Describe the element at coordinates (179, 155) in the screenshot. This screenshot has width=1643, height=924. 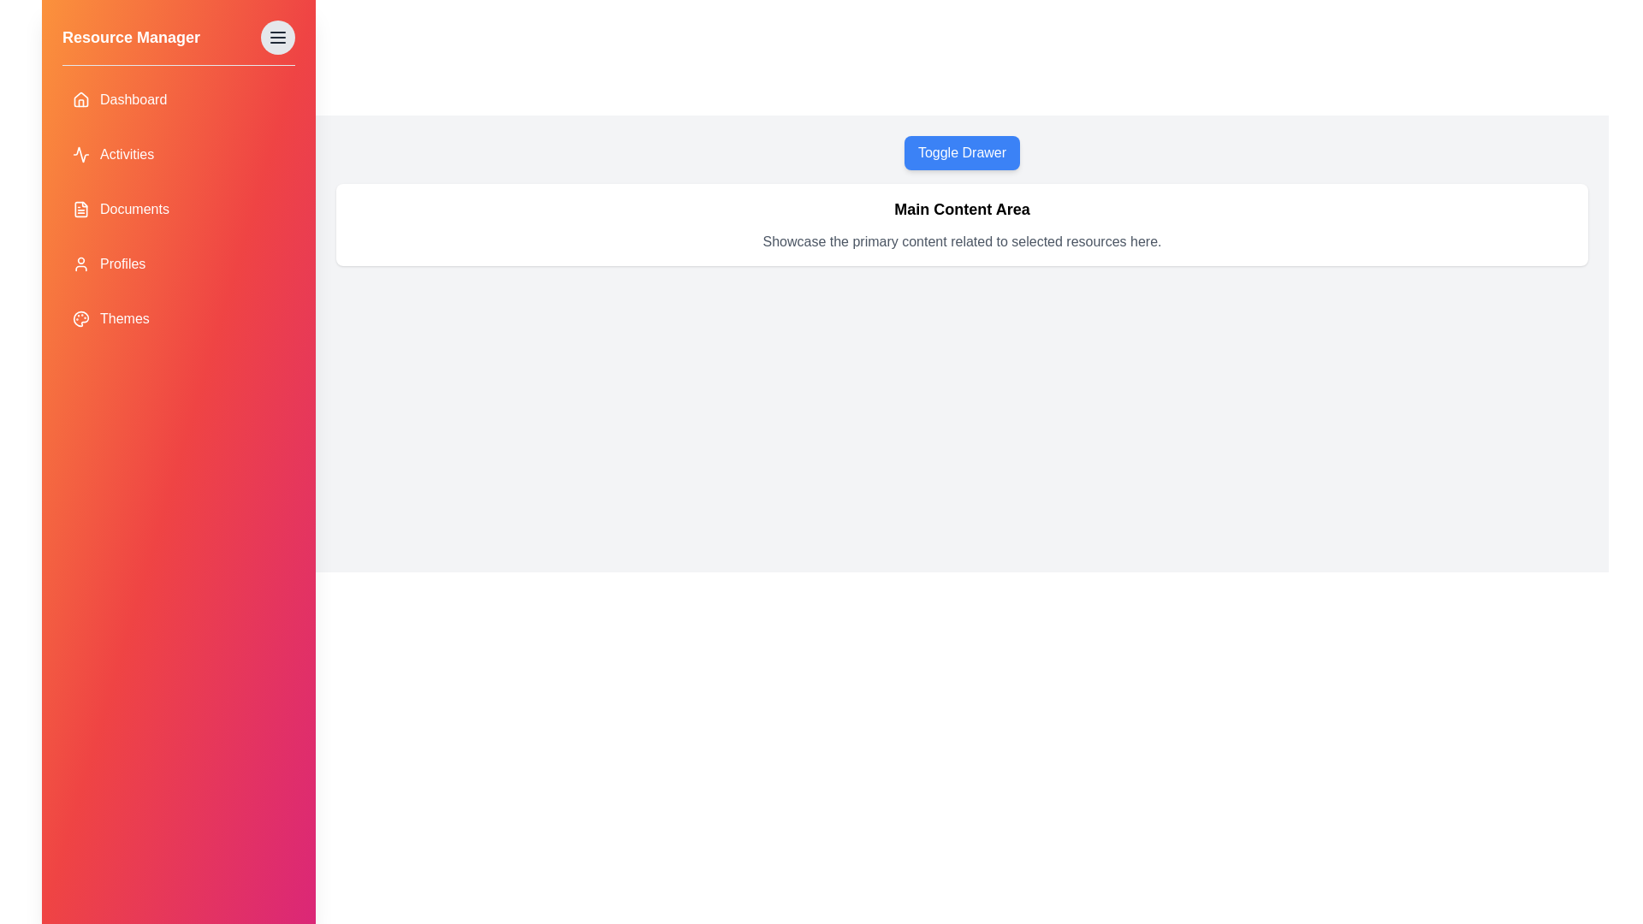
I see `the Activities item in the drawer to navigate to that section` at that location.